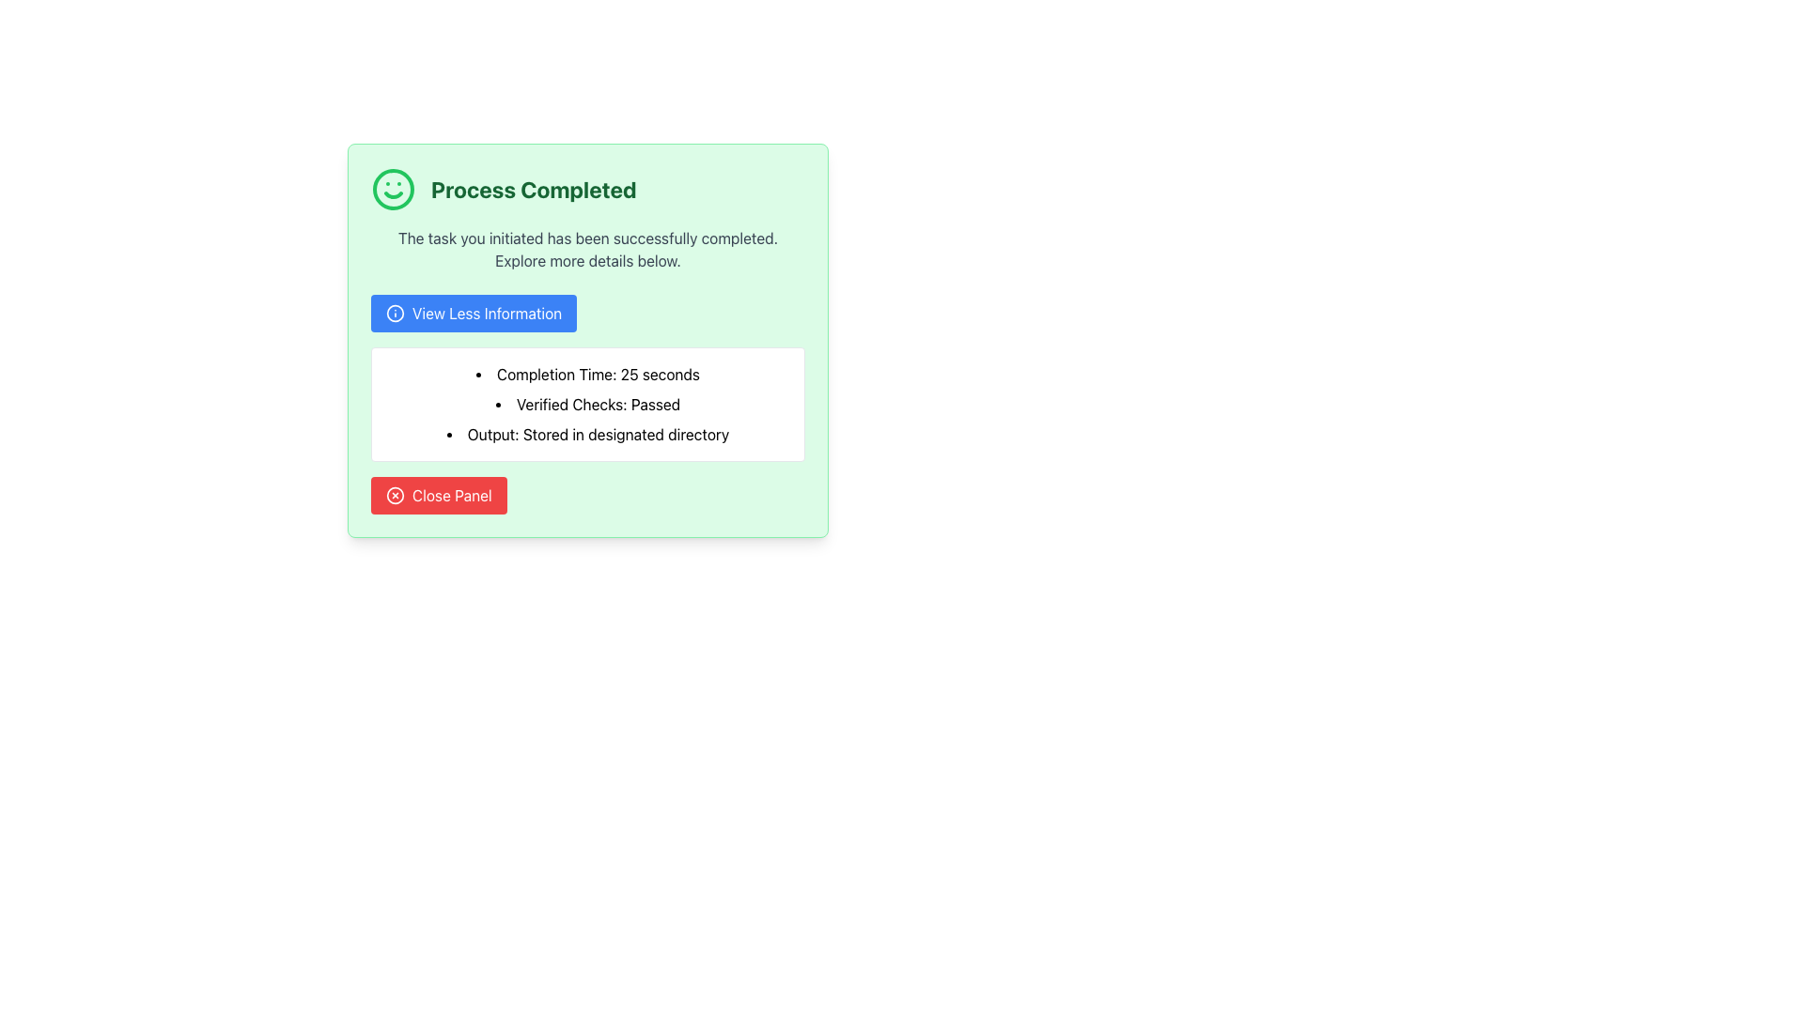 Image resolution: width=1804 pixels, height=1014 pixels. I want to click on the button located at the top-right corner of the 'Process Completed' card, so click(395, 495).